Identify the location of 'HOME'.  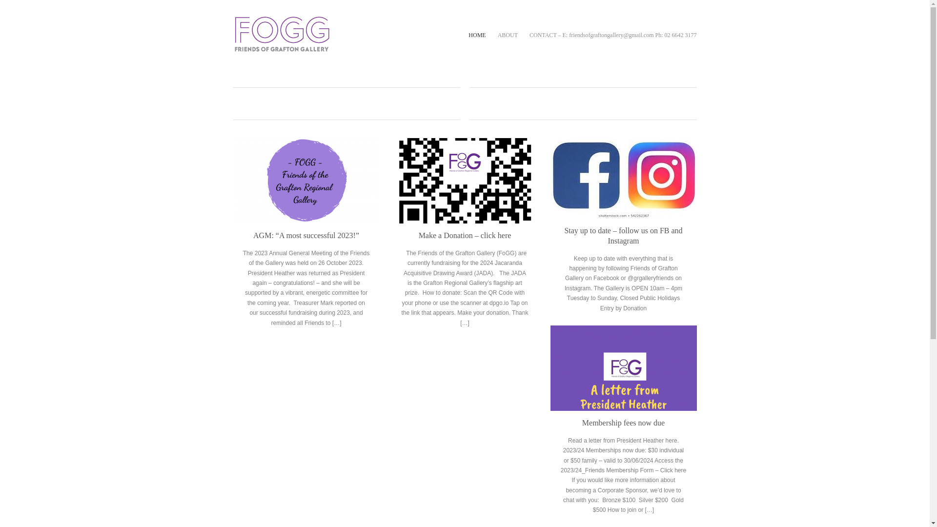
(468, 35).